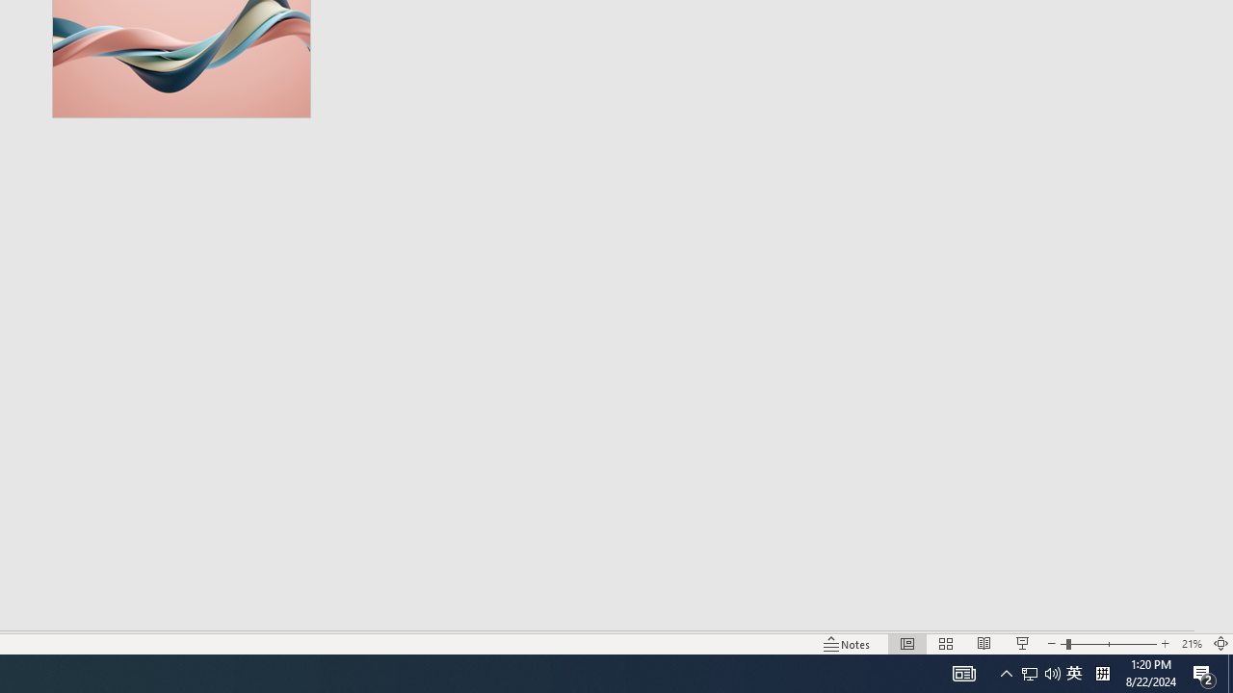  What do you see at coordinates (1191, 644) in the screenshot?
I see `'Zoom 21%'` at bounding box center [1191, 644].